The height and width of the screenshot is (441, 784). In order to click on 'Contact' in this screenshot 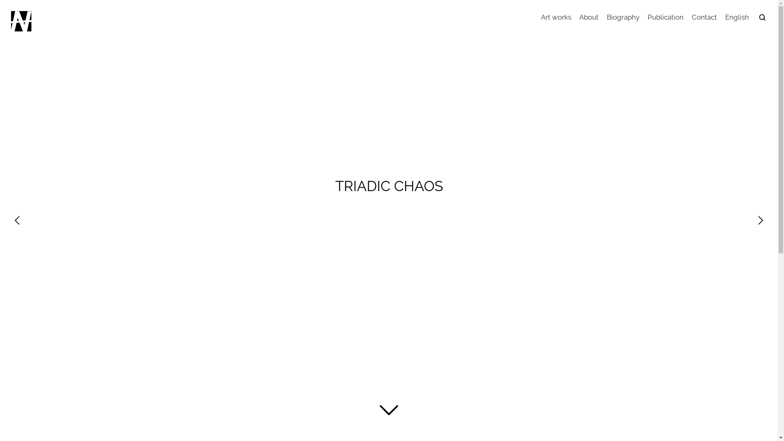, I will do `click(704, 17)`.